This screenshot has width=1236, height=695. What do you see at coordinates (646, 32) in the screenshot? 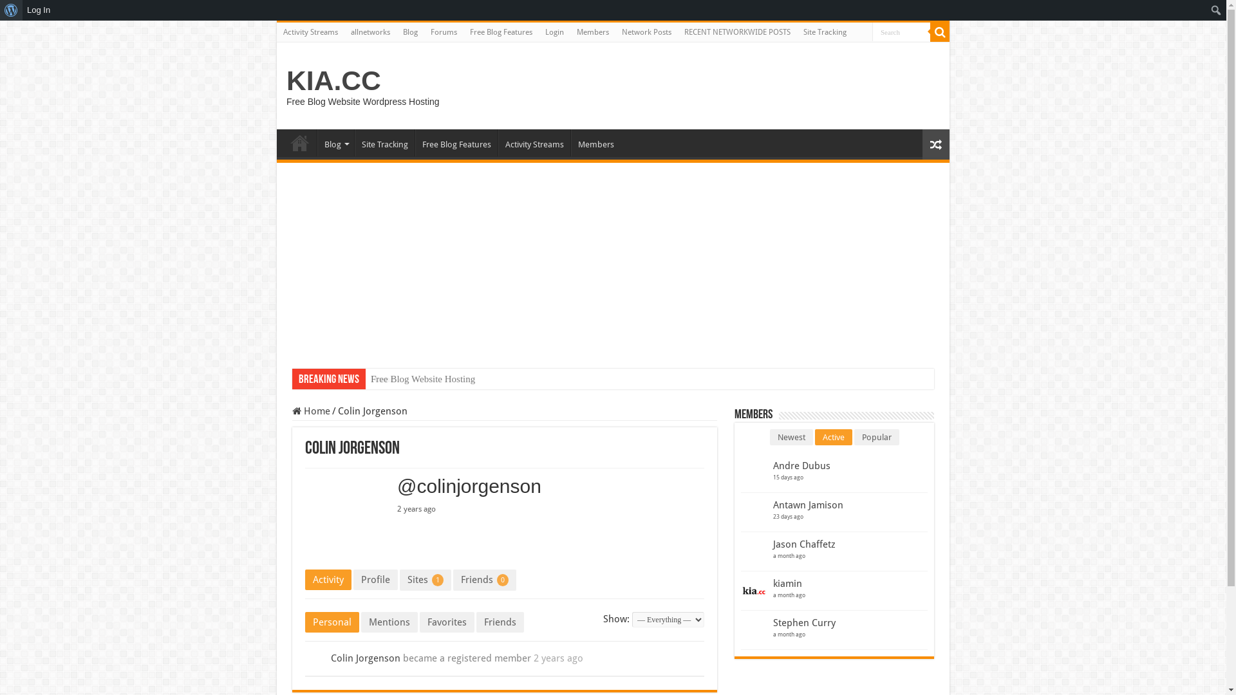
I see `'Network Posts'` at bounding box center [646, 32].